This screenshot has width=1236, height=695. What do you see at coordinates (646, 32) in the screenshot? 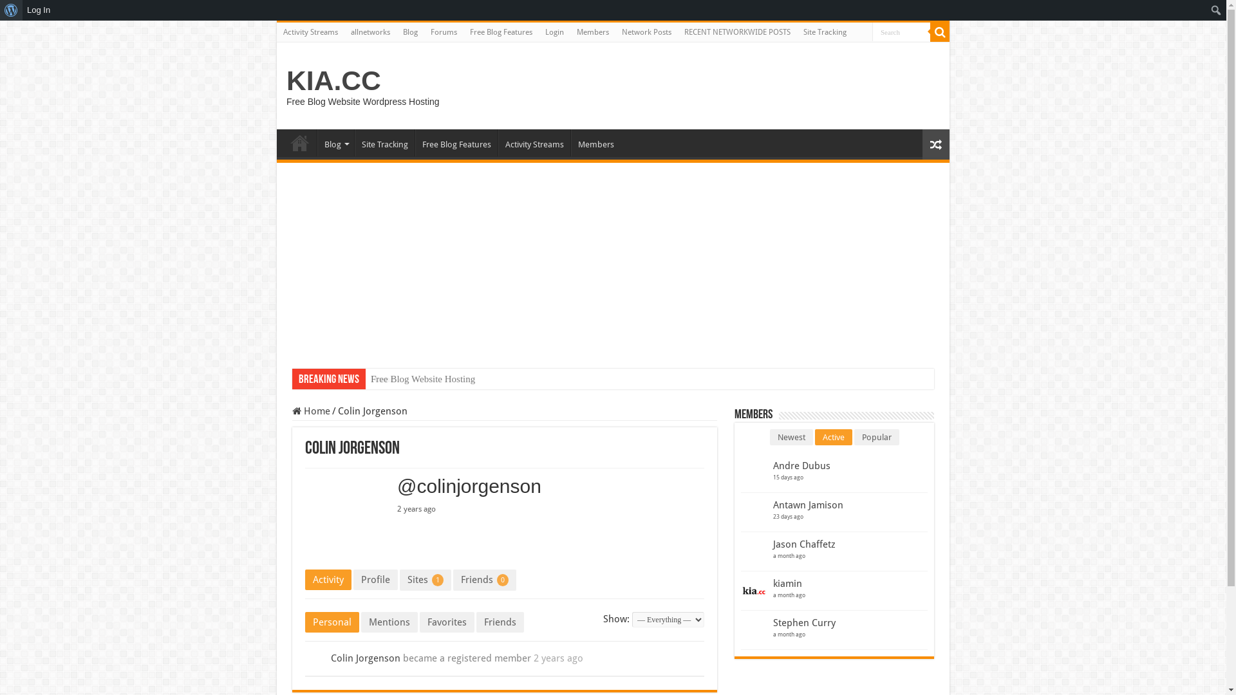
I see `'Network Posts'` at bounding box center [646, 32].